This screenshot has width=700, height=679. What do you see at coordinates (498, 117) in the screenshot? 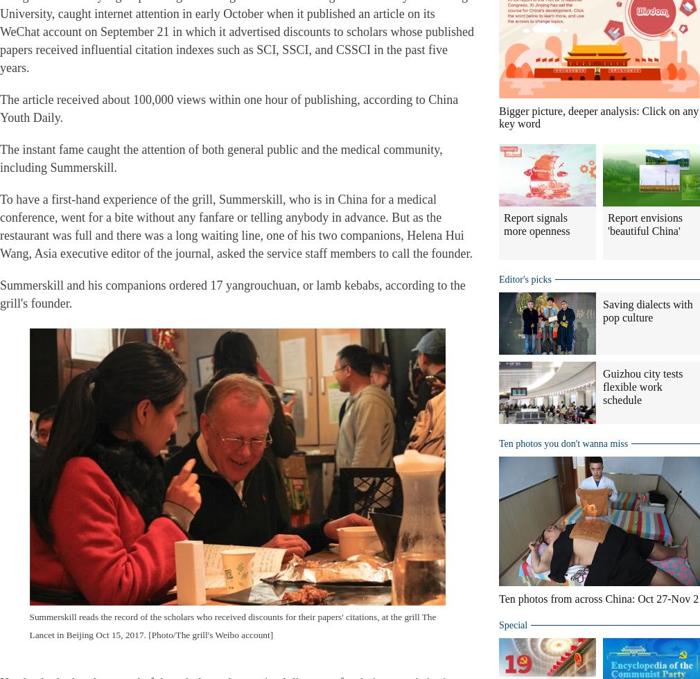
I see `'Bigger picture, deeper analysis: Click on any key word'` at bounding box center [498, 117].